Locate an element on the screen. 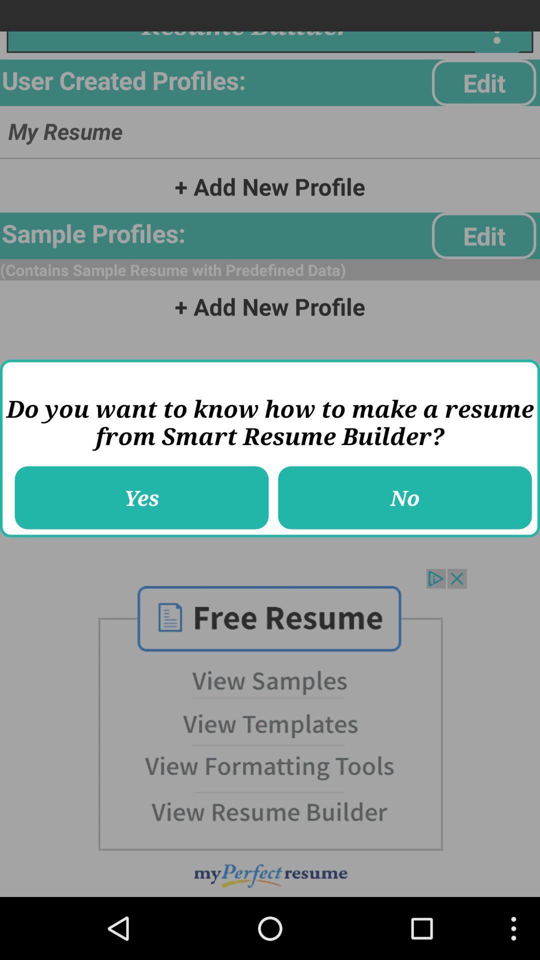 Image resolution: width=540 pixels, height=960 pixels. item to the left of the no is located at coordinates (141, 497).